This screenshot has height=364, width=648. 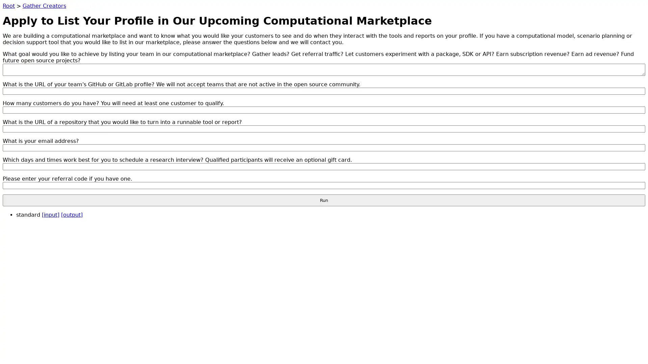 I want to click on Run, so click(x=324, y=200).